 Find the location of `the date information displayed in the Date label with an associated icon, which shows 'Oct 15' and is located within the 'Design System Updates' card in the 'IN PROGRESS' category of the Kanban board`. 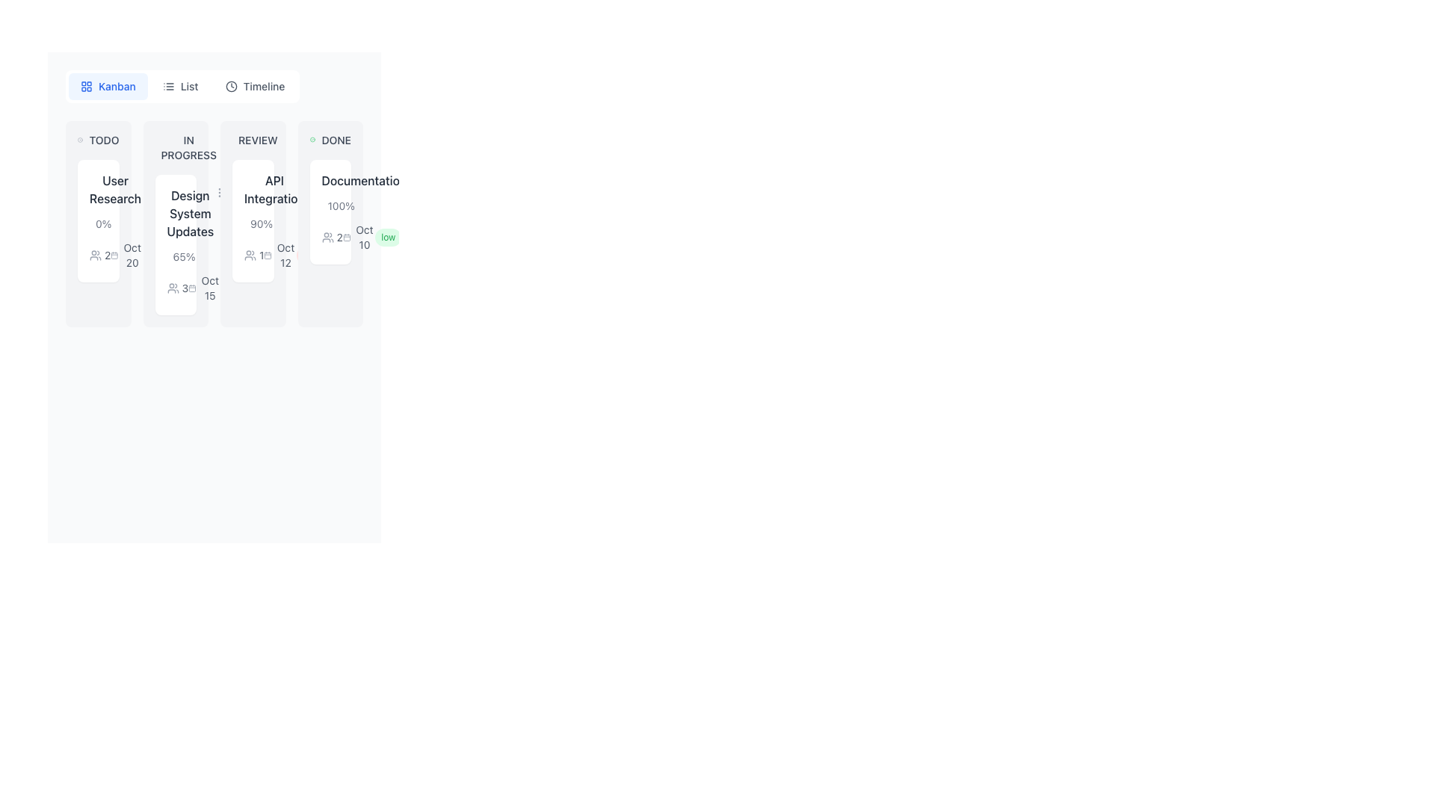

the date information displayed in the Date label with an associated icon, which shows 'Oct 15' and is located within the 'Design System Updates' card in the 'IN PROGRESS' category of the Kanban board is located at coordinates (203, 288).